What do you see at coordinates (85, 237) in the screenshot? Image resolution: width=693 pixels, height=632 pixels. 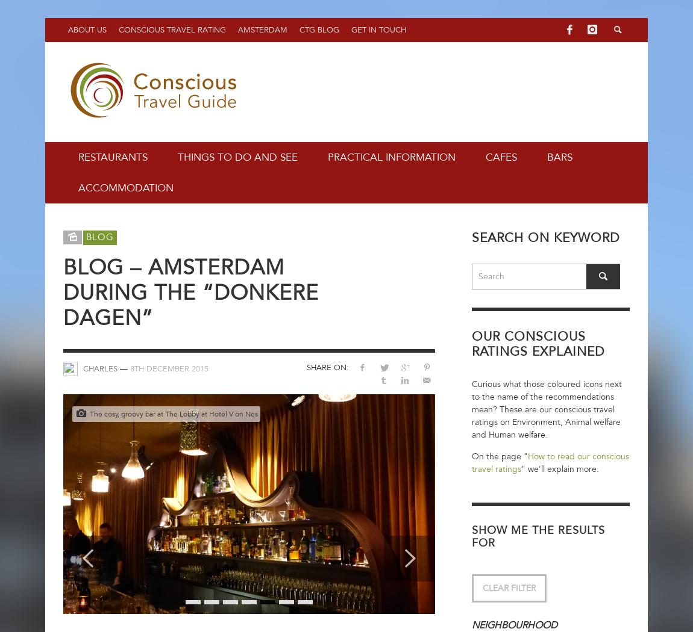 I see `'Blog'` at bounding box center [85, 237].